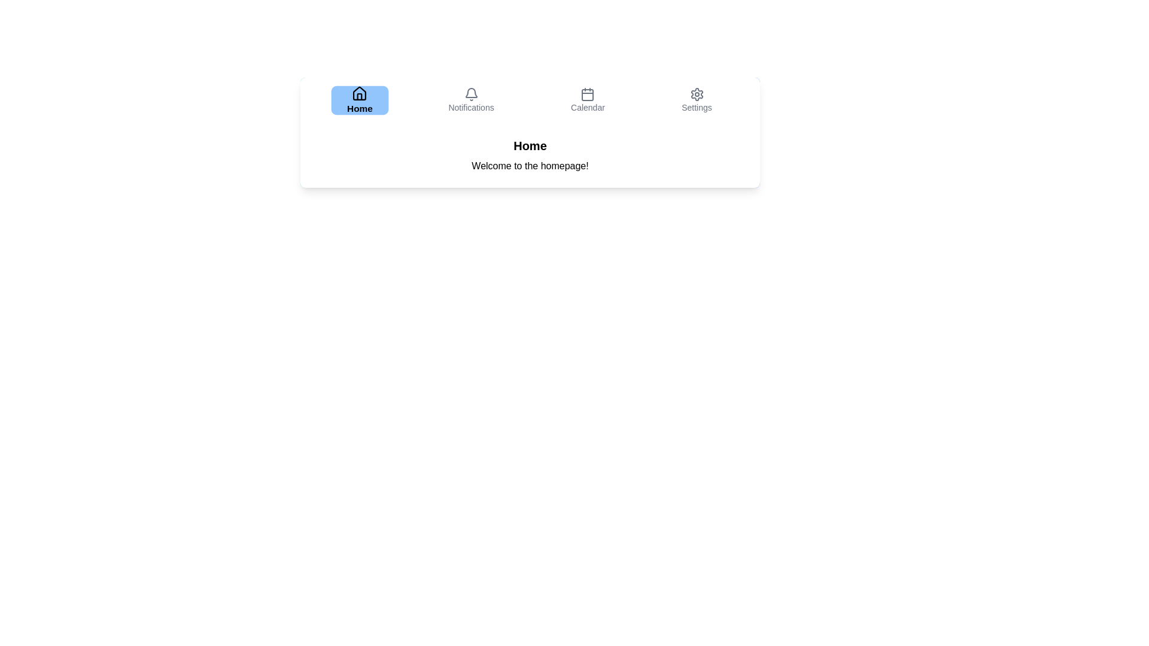 This screenshot has width=1149, height=646. What do you see at coordinates (588, 100) in the screenshot?
I see `the 'Calendar' button, which features a calendar icon and a text label` at bounding box center [588, 100].